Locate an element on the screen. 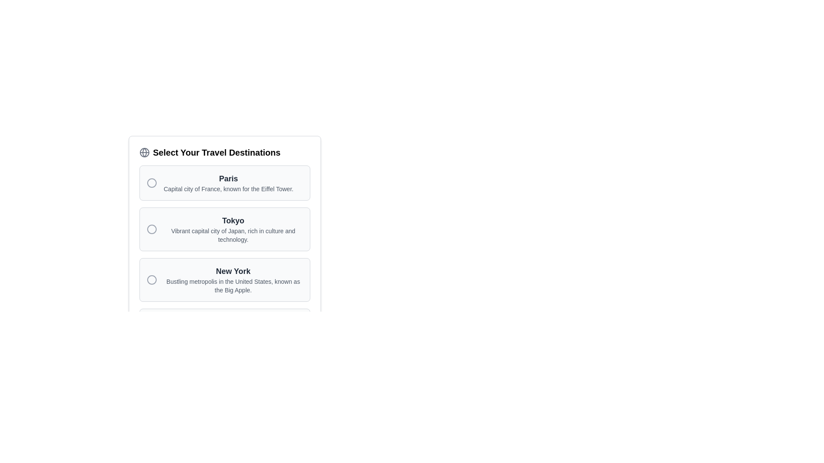 This screenshot has width=824, height=463. the unselected radio button for the 'New York' travel option located in the third row of the selection options is located at coordinates (151, 280).